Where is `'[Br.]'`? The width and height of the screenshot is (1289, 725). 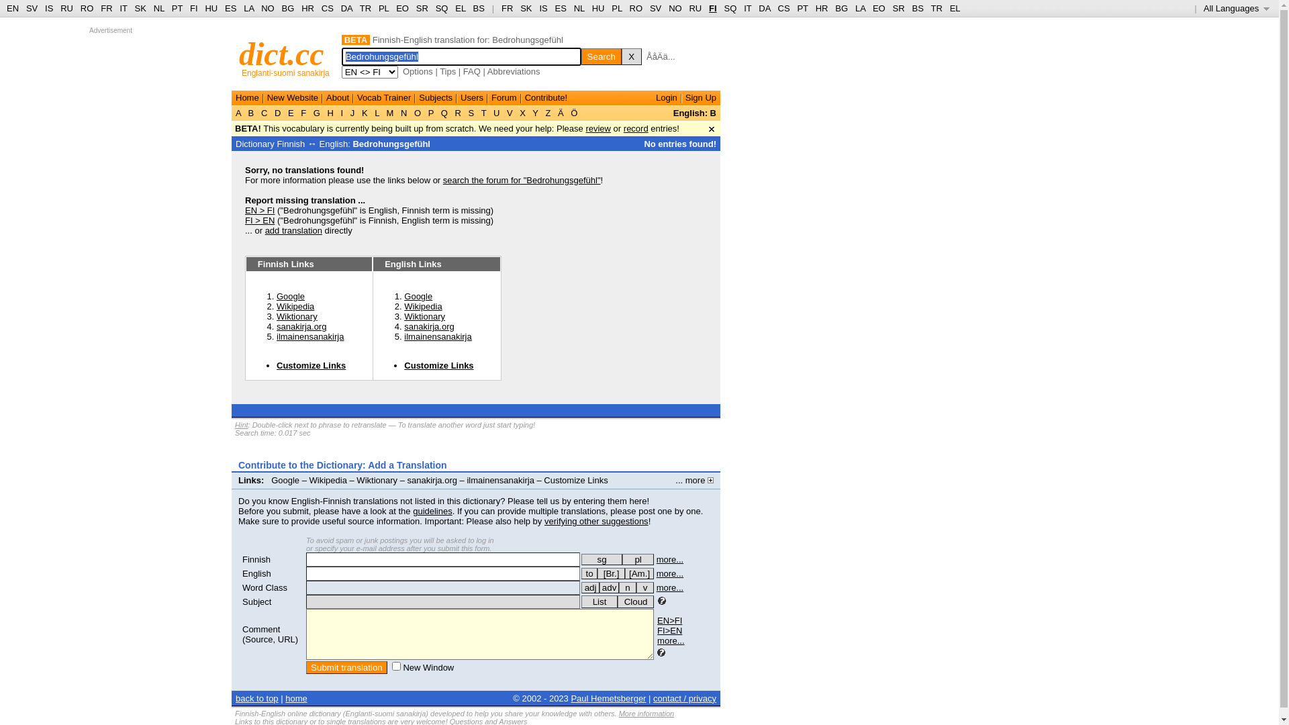 '[Br.]' is located at coordinates (610, 573).